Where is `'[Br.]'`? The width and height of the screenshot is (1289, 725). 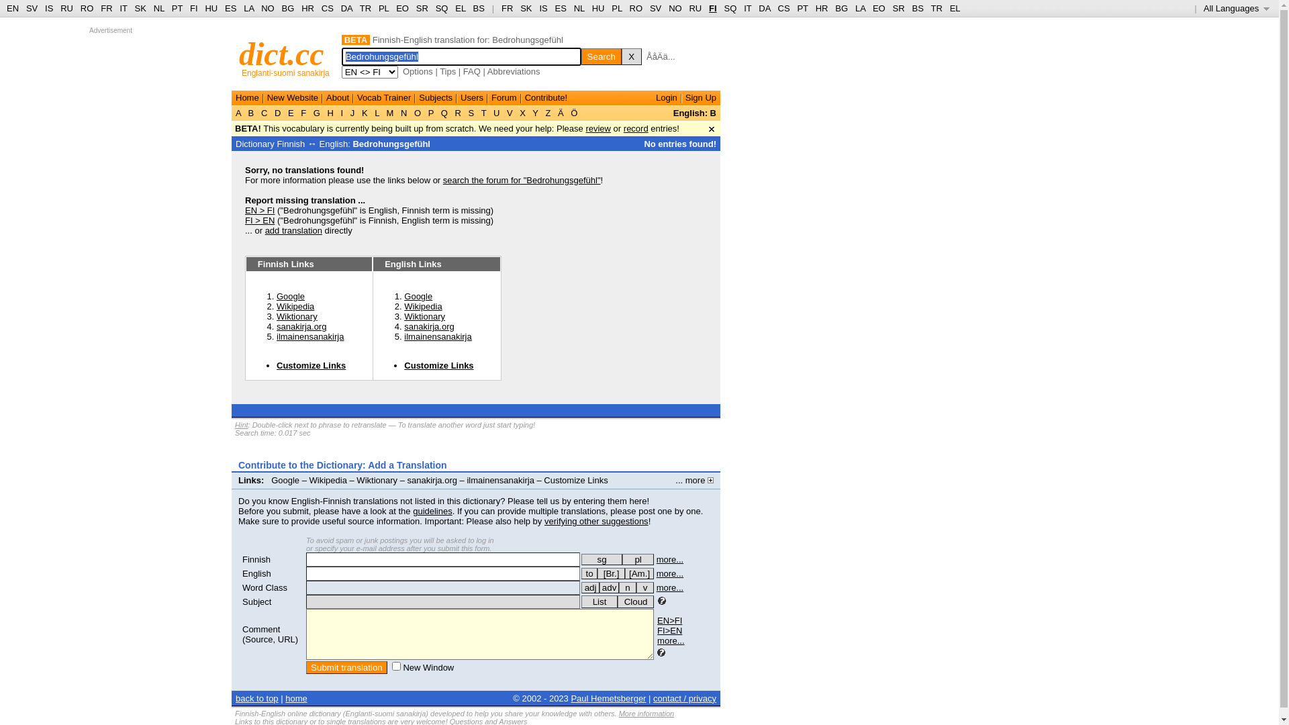 '[Br.]' is located at coordinates (610, 573).